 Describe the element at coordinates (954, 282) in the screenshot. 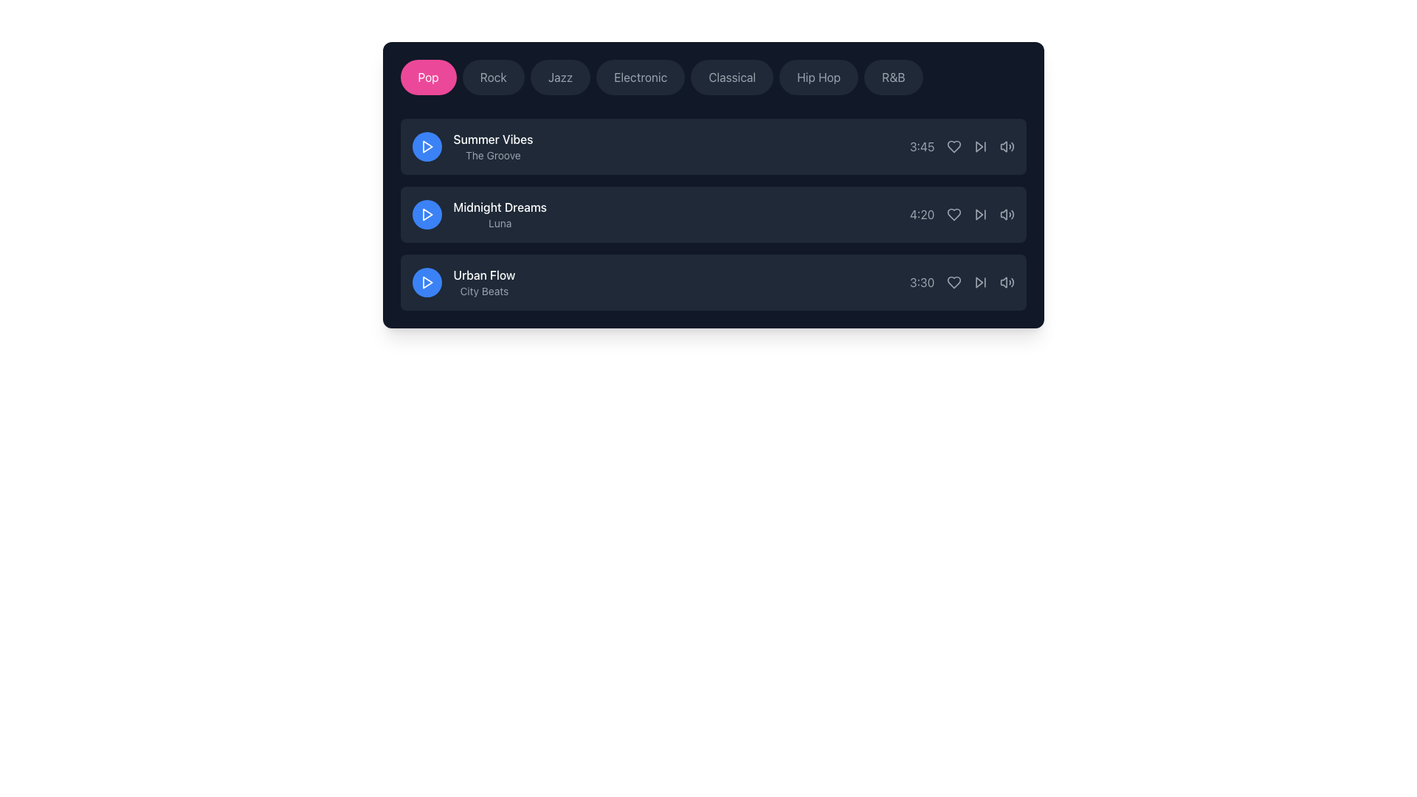

I see `the heart-shaped icon button with a gray outline located in the right section of the music track row for visual feedback` at that location.